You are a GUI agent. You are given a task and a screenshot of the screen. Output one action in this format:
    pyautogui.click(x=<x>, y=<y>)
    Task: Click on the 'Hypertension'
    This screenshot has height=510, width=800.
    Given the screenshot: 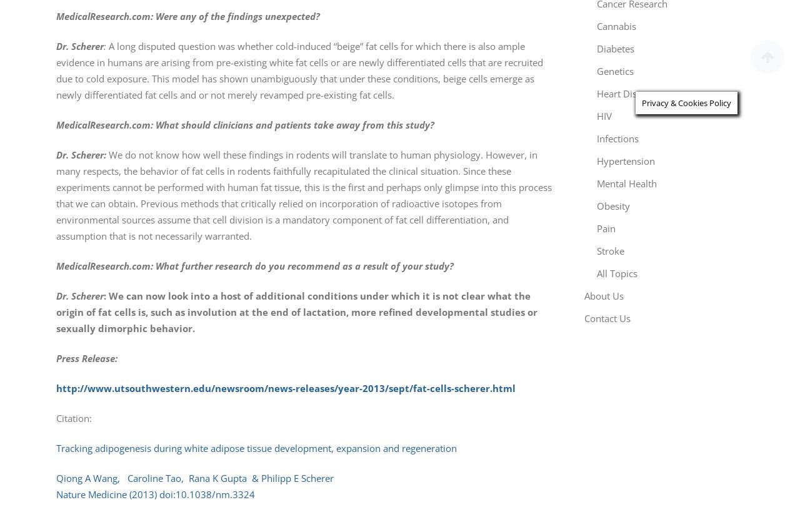 What is the action you would take?
    pyautogui.click(x=626, y=161)
    